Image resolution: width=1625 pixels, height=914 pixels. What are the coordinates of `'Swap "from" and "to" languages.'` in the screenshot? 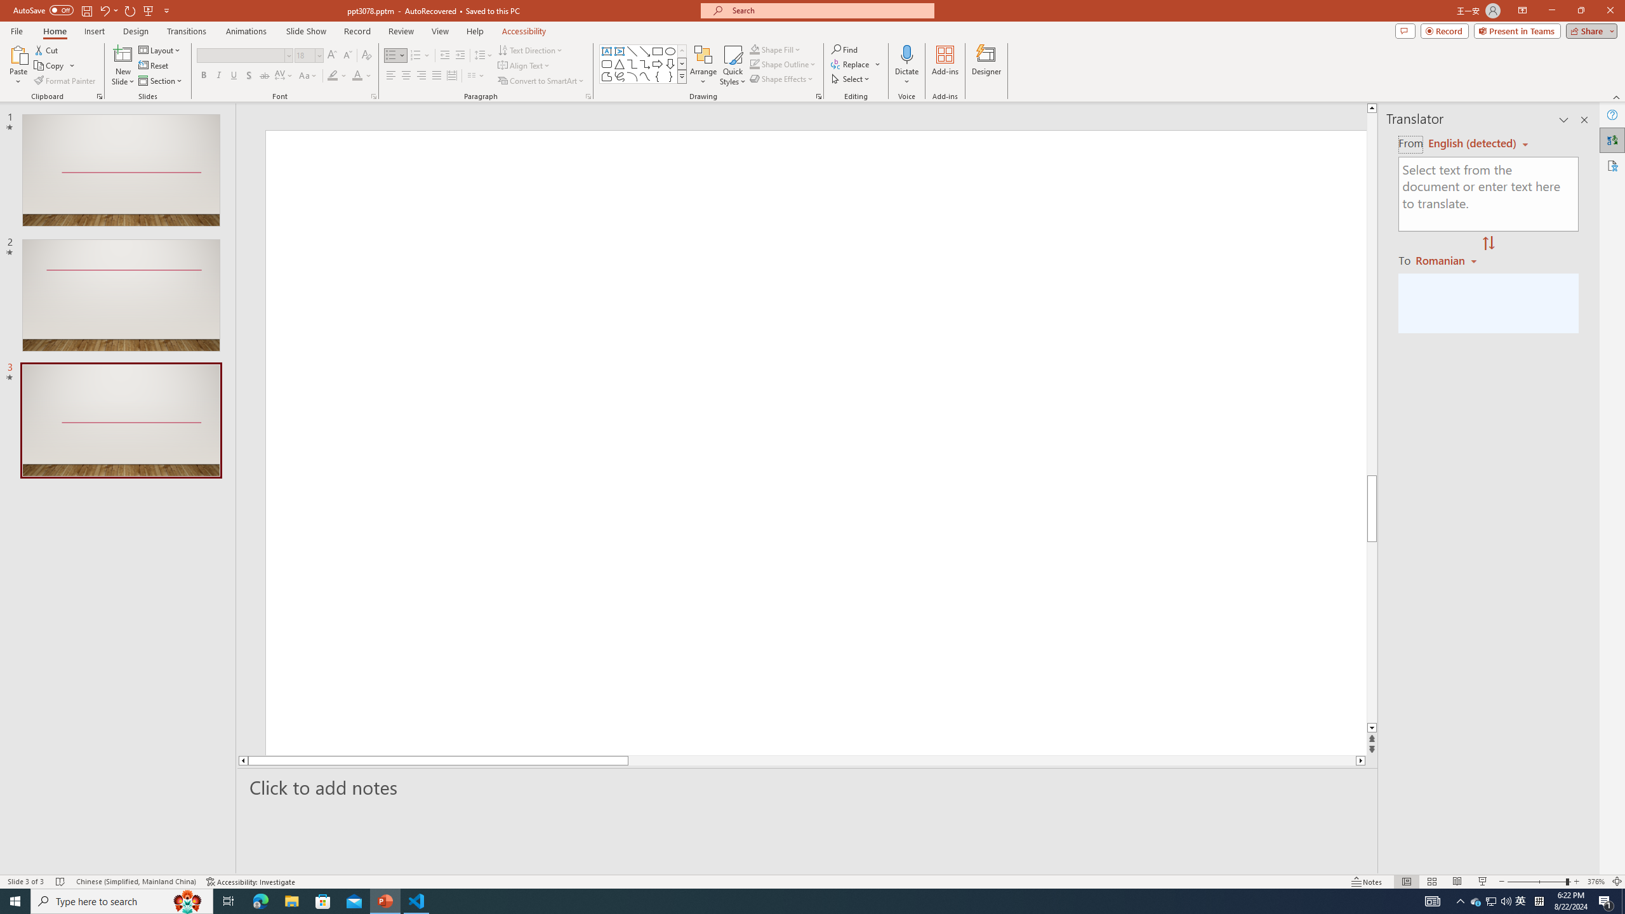 It's located at (1487, 243).